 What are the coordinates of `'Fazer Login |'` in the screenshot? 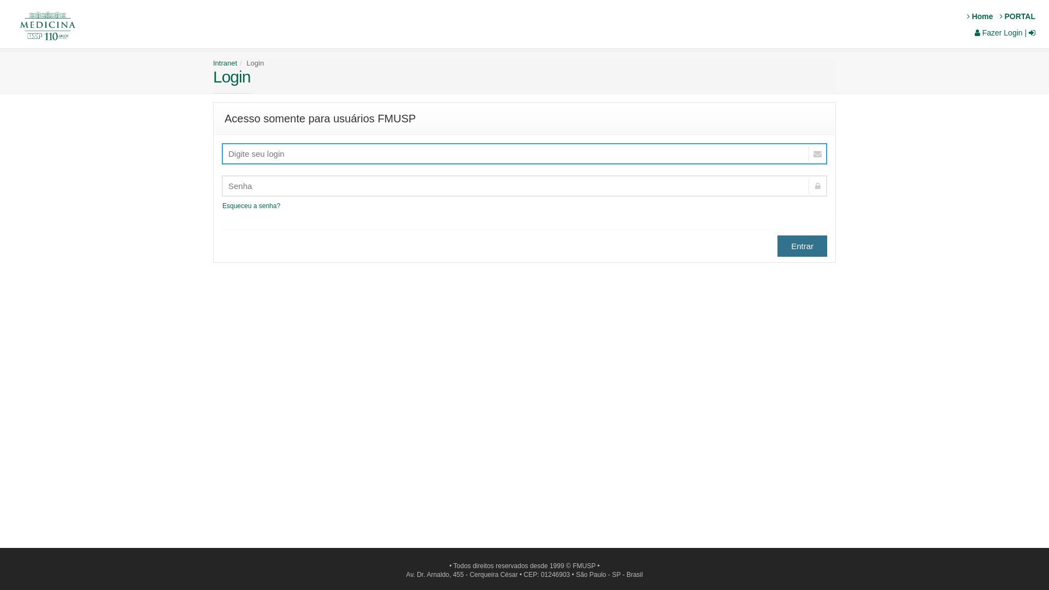 It's located at (1005, 32).